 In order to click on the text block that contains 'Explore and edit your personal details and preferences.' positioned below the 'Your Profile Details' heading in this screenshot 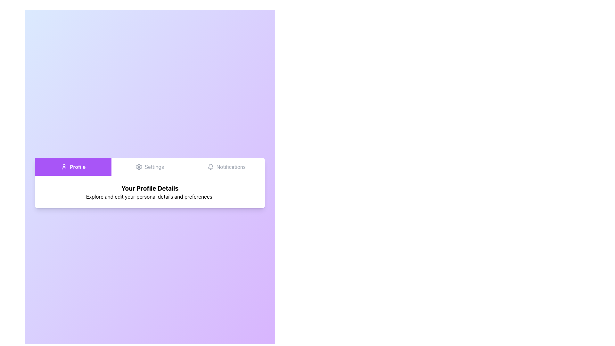, I will do `click(149, 196)`.